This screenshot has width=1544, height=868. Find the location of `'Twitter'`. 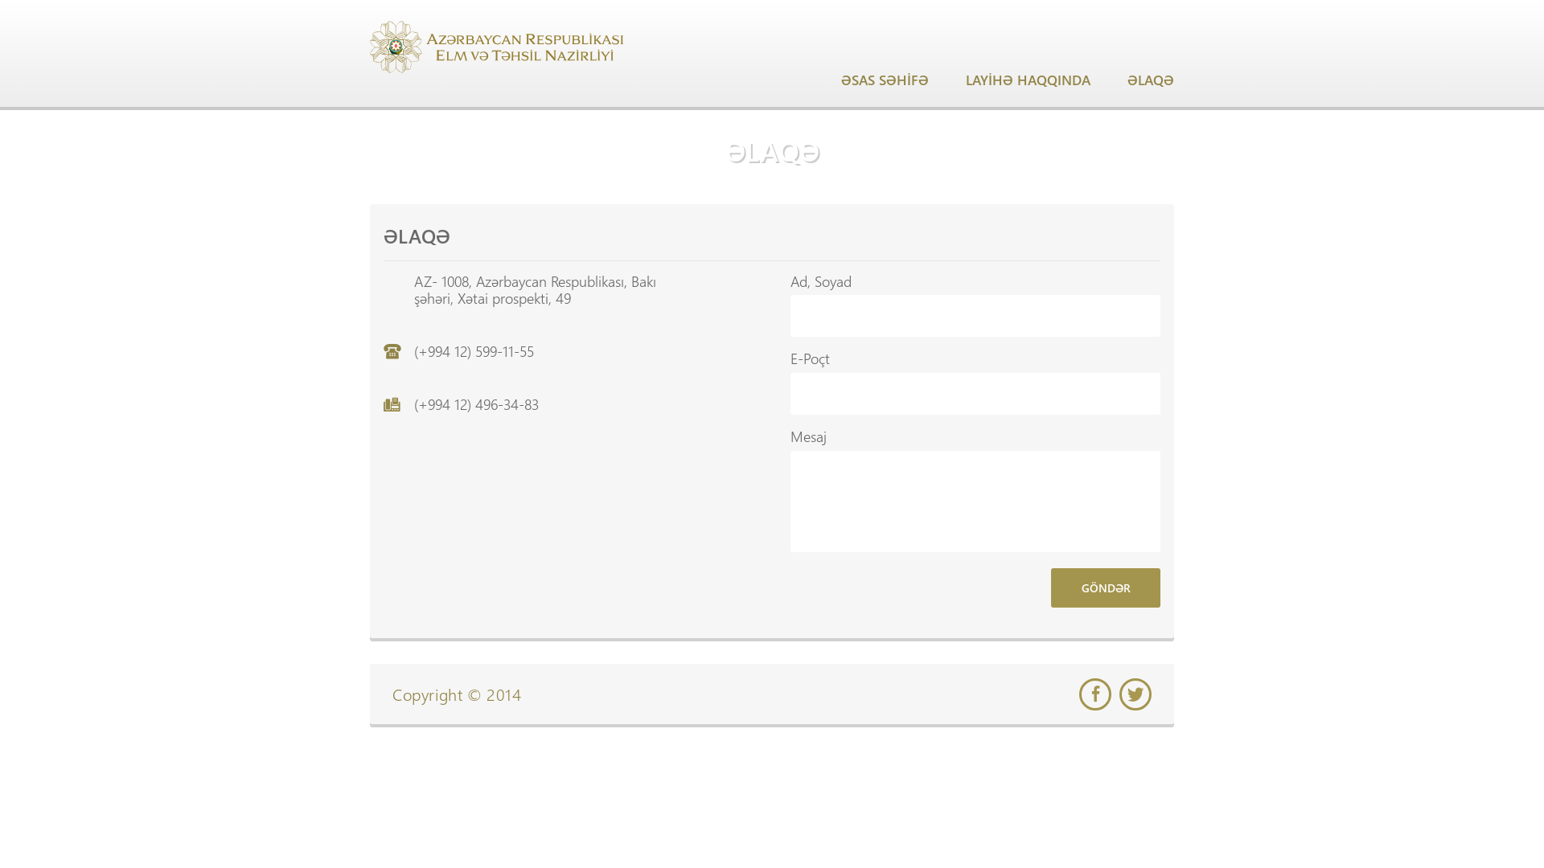

'Twitter' is located at coordinates (1119, 694).